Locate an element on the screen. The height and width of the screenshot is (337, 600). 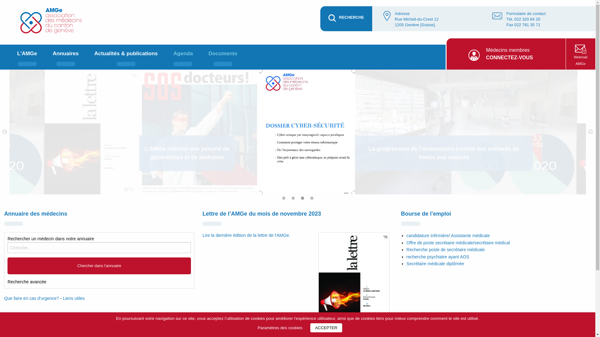
'Agenda' is located at coordinates (182, 57).